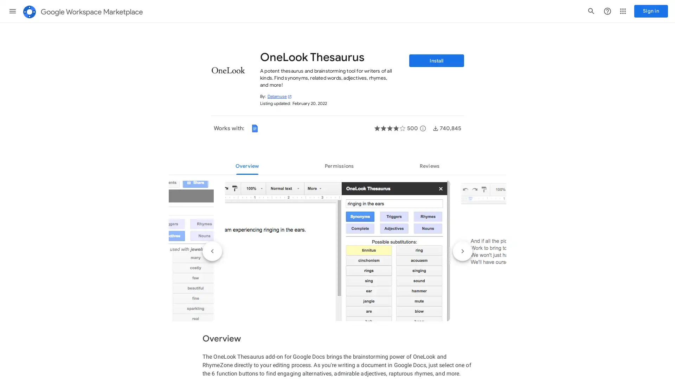  What do you see at coordinates (7, 67) in the screenshot?
I see `Editor's choice` at bounding box center [7, 67].